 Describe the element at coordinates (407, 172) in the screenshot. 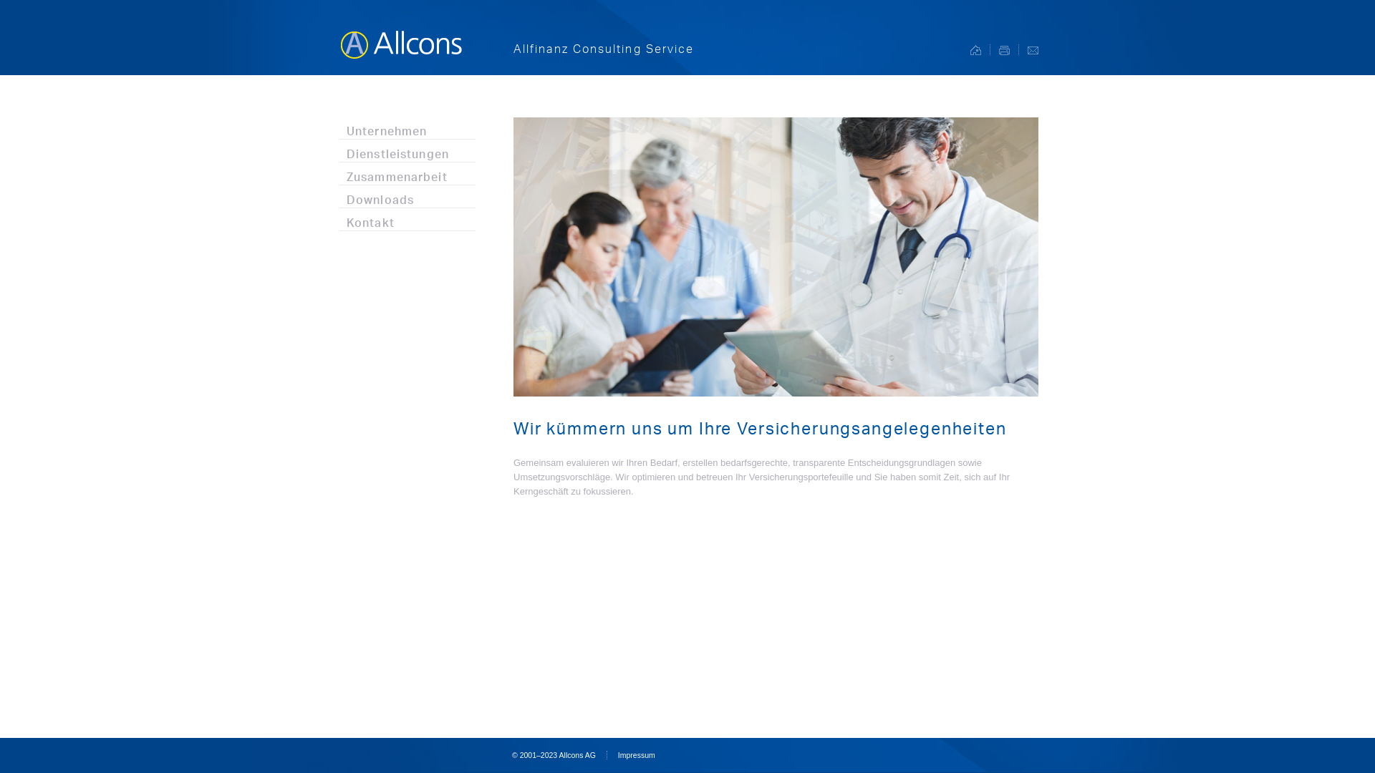

I see `'Zusammenarbeit'` at that location.